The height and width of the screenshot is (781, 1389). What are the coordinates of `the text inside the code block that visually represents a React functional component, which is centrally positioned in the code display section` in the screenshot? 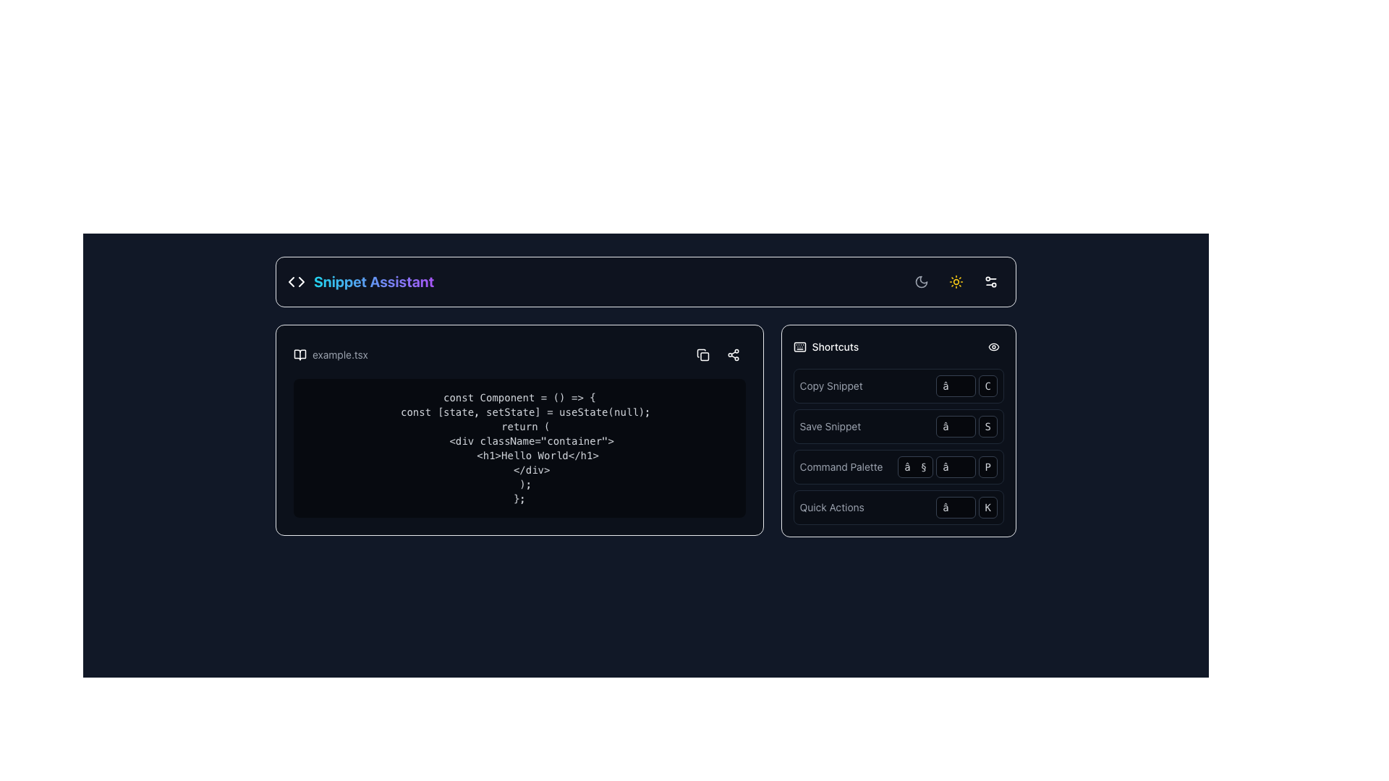 It's located at (519, 448).